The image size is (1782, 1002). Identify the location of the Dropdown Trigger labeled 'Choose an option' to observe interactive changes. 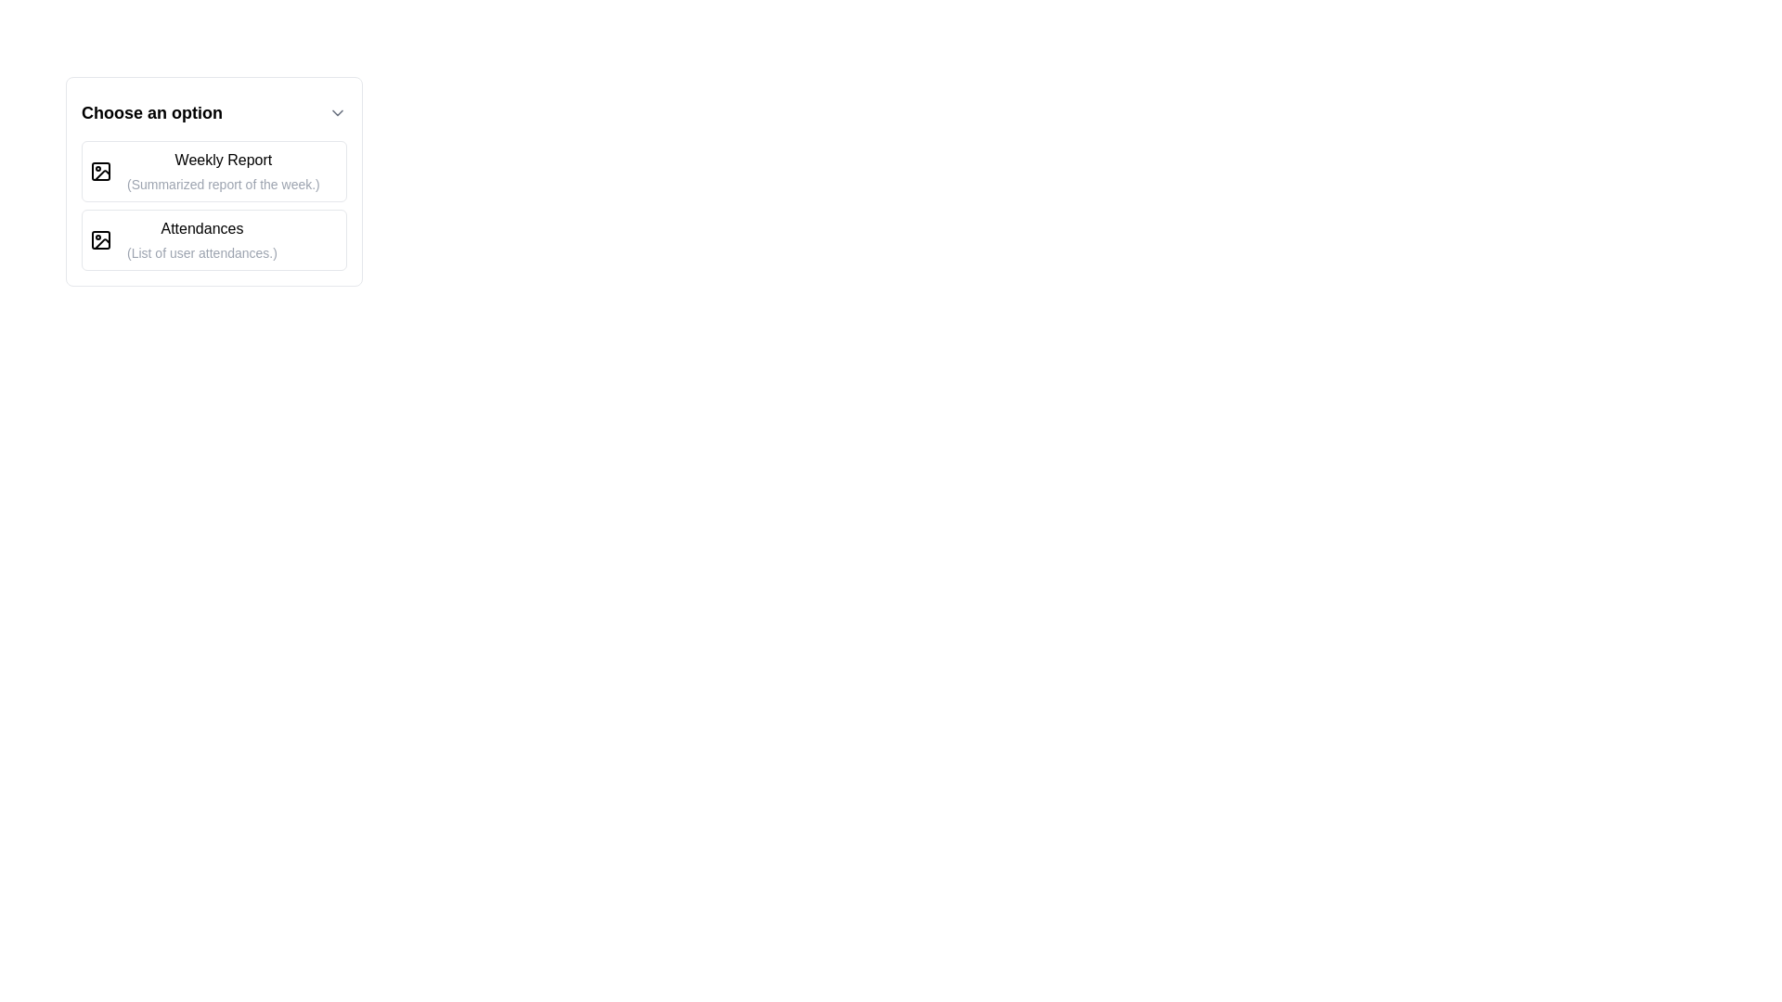
(213, 113).